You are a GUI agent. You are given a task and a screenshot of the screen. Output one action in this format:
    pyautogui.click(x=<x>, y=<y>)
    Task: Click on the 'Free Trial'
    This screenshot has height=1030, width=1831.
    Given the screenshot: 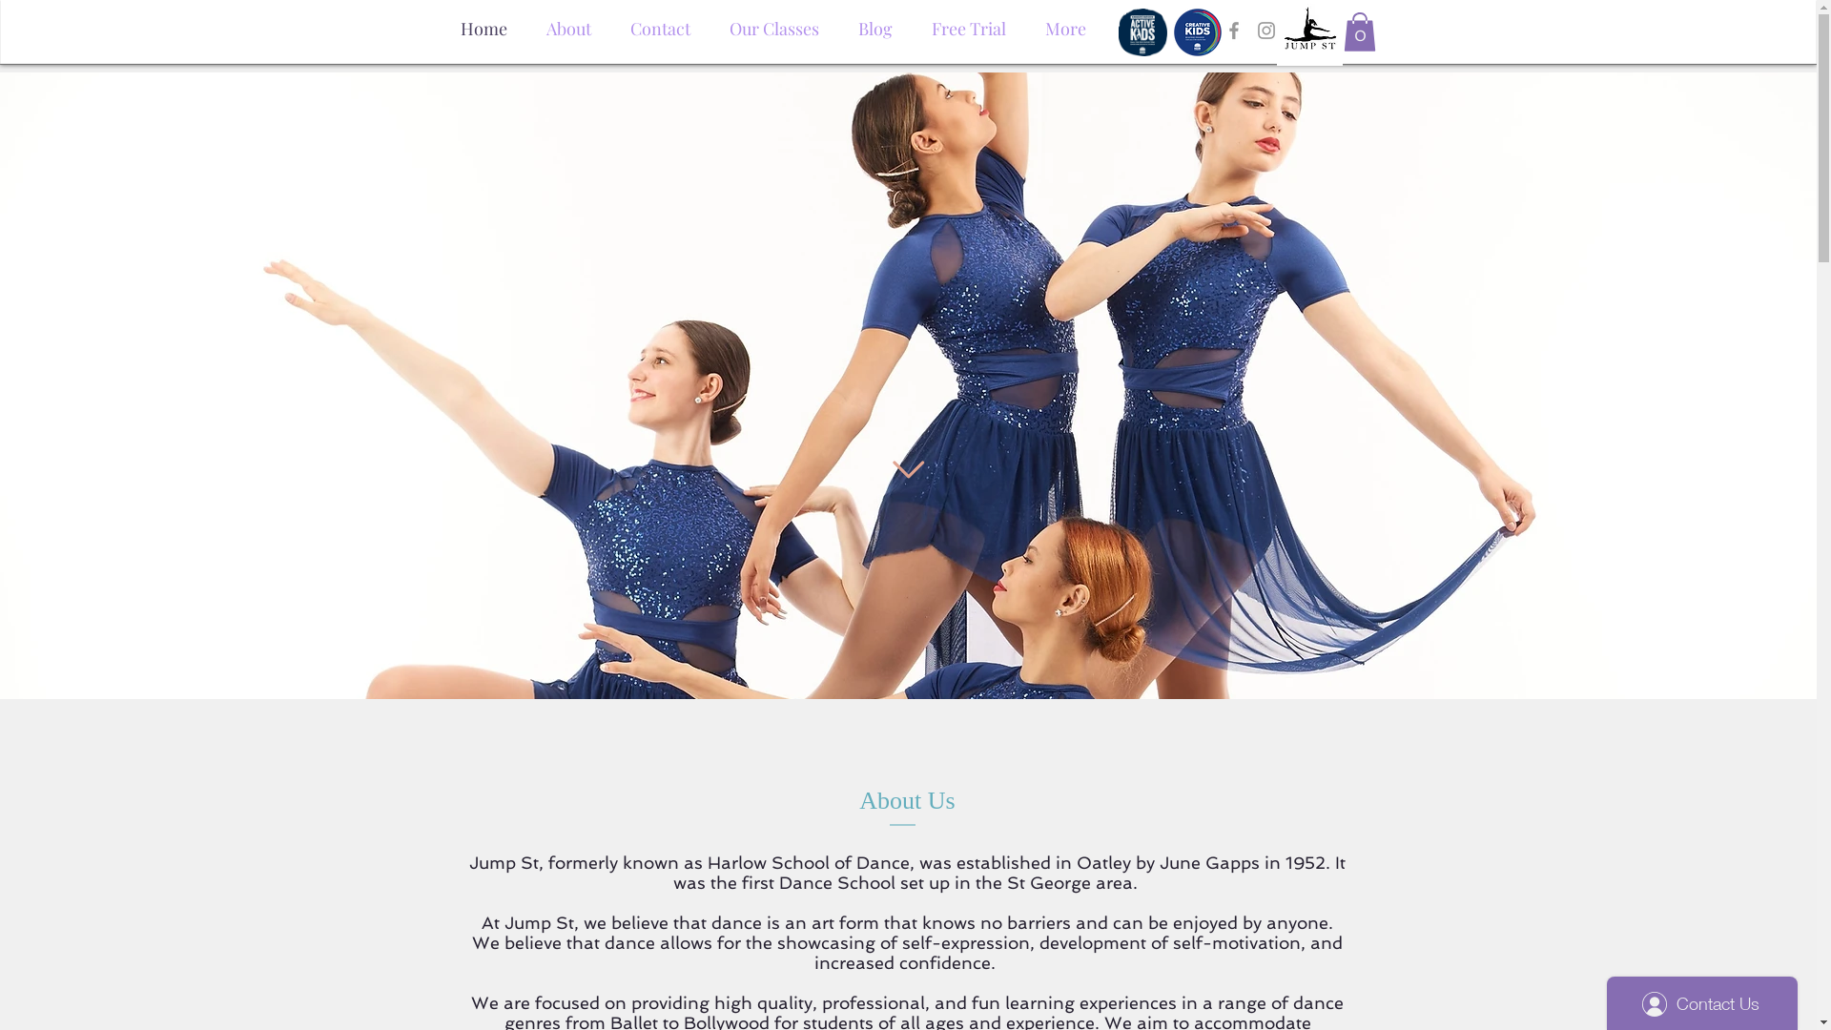 What is the action you would take?
    pyautogui.click(x=968, y=23)
    